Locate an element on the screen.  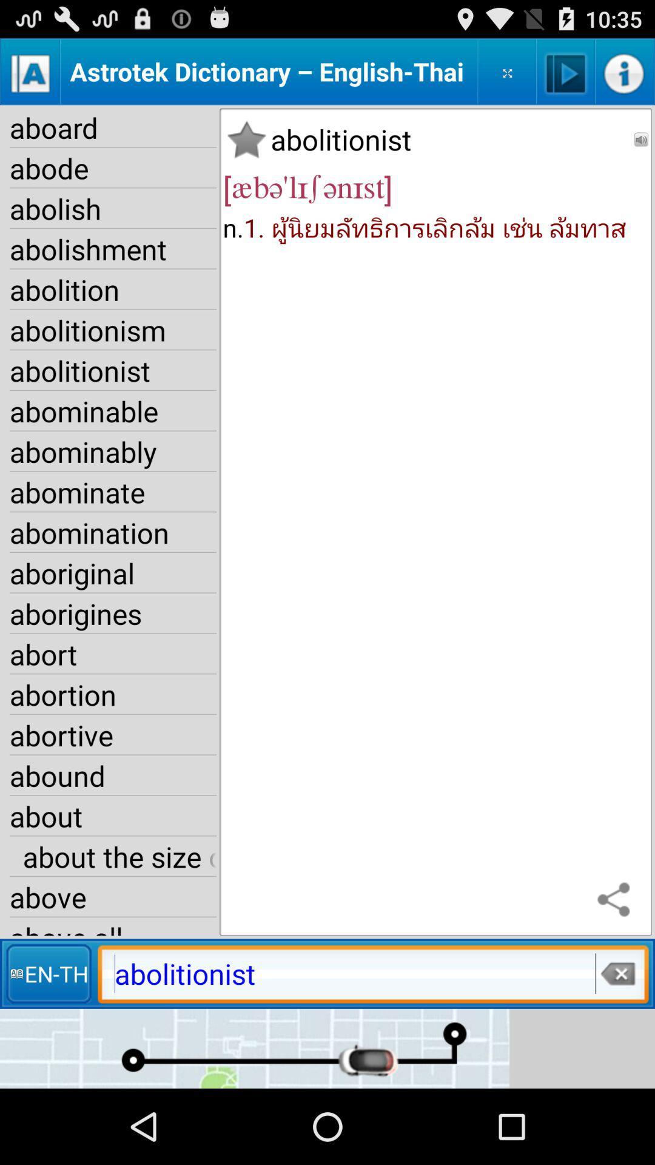
the button to the right of en-th item is located at coordinates (617, 973).